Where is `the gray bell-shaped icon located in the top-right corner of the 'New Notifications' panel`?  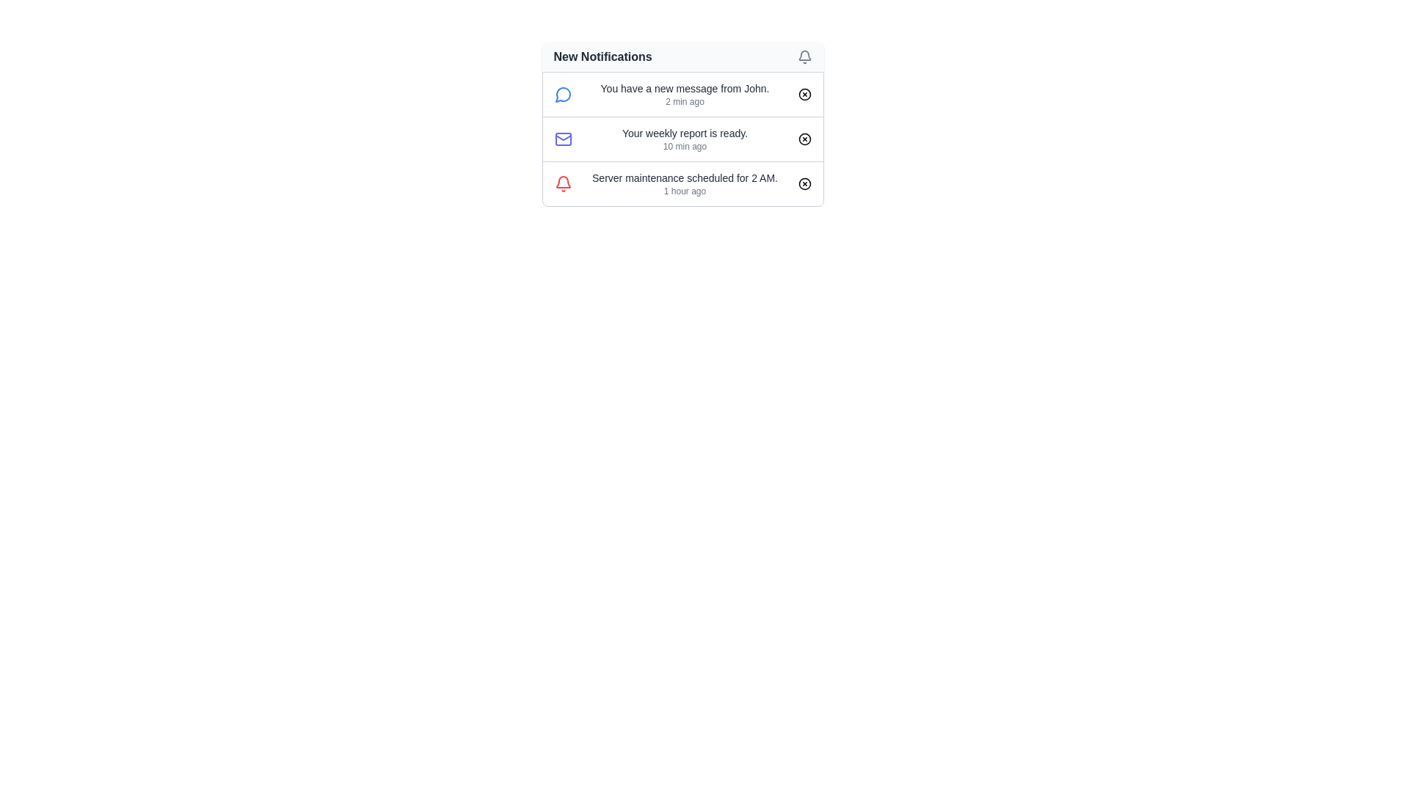 the gray bell-shaped icon located in the top-right corner of the 'New Notifications' panel is located at coordinates (804, 56).